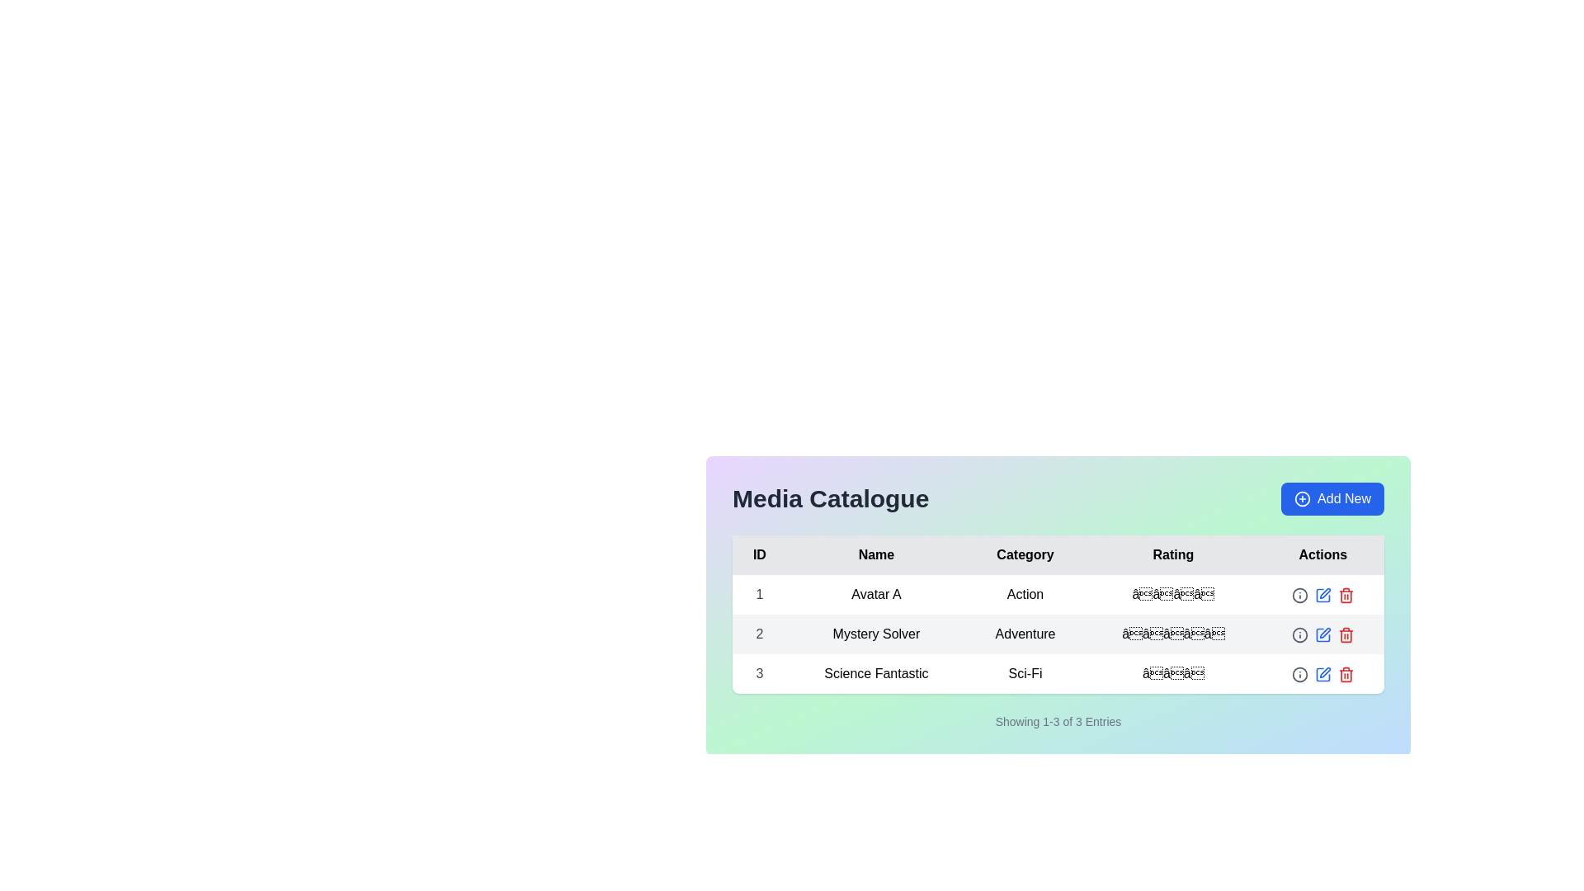 The width and height of the screenshot is (1584, 891). Describe the element at coordinates (1172, 595) in the screenshot. I see `the stars in the Rating Display for the media titled 'Avatar A' in the 'Rating' column to change the rating` at that location.